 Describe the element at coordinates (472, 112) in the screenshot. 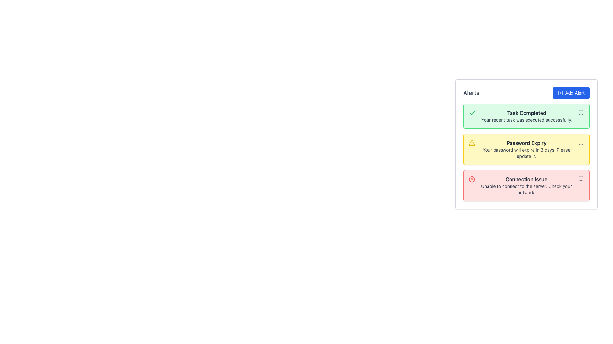

I see `the checkmark icon indicating success, which is centrally located within the green rectangular area labeled 'Task Completed'` at that location.